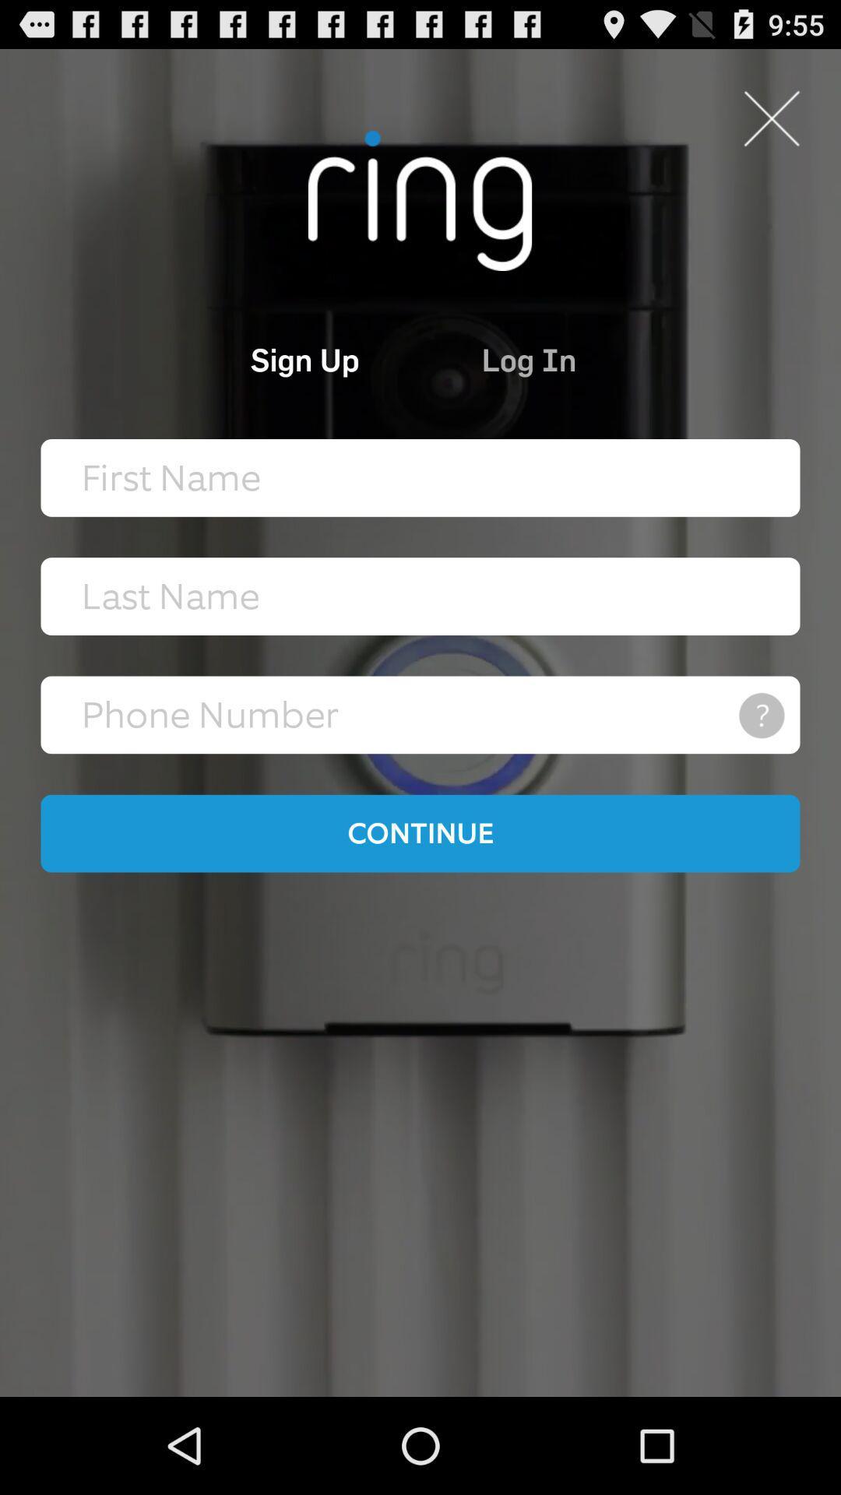 The width and height of the screenshot is (841, 1495). Describe the element at coordinates (771, 127) in the screenshot. I see `the close icon` at that location.